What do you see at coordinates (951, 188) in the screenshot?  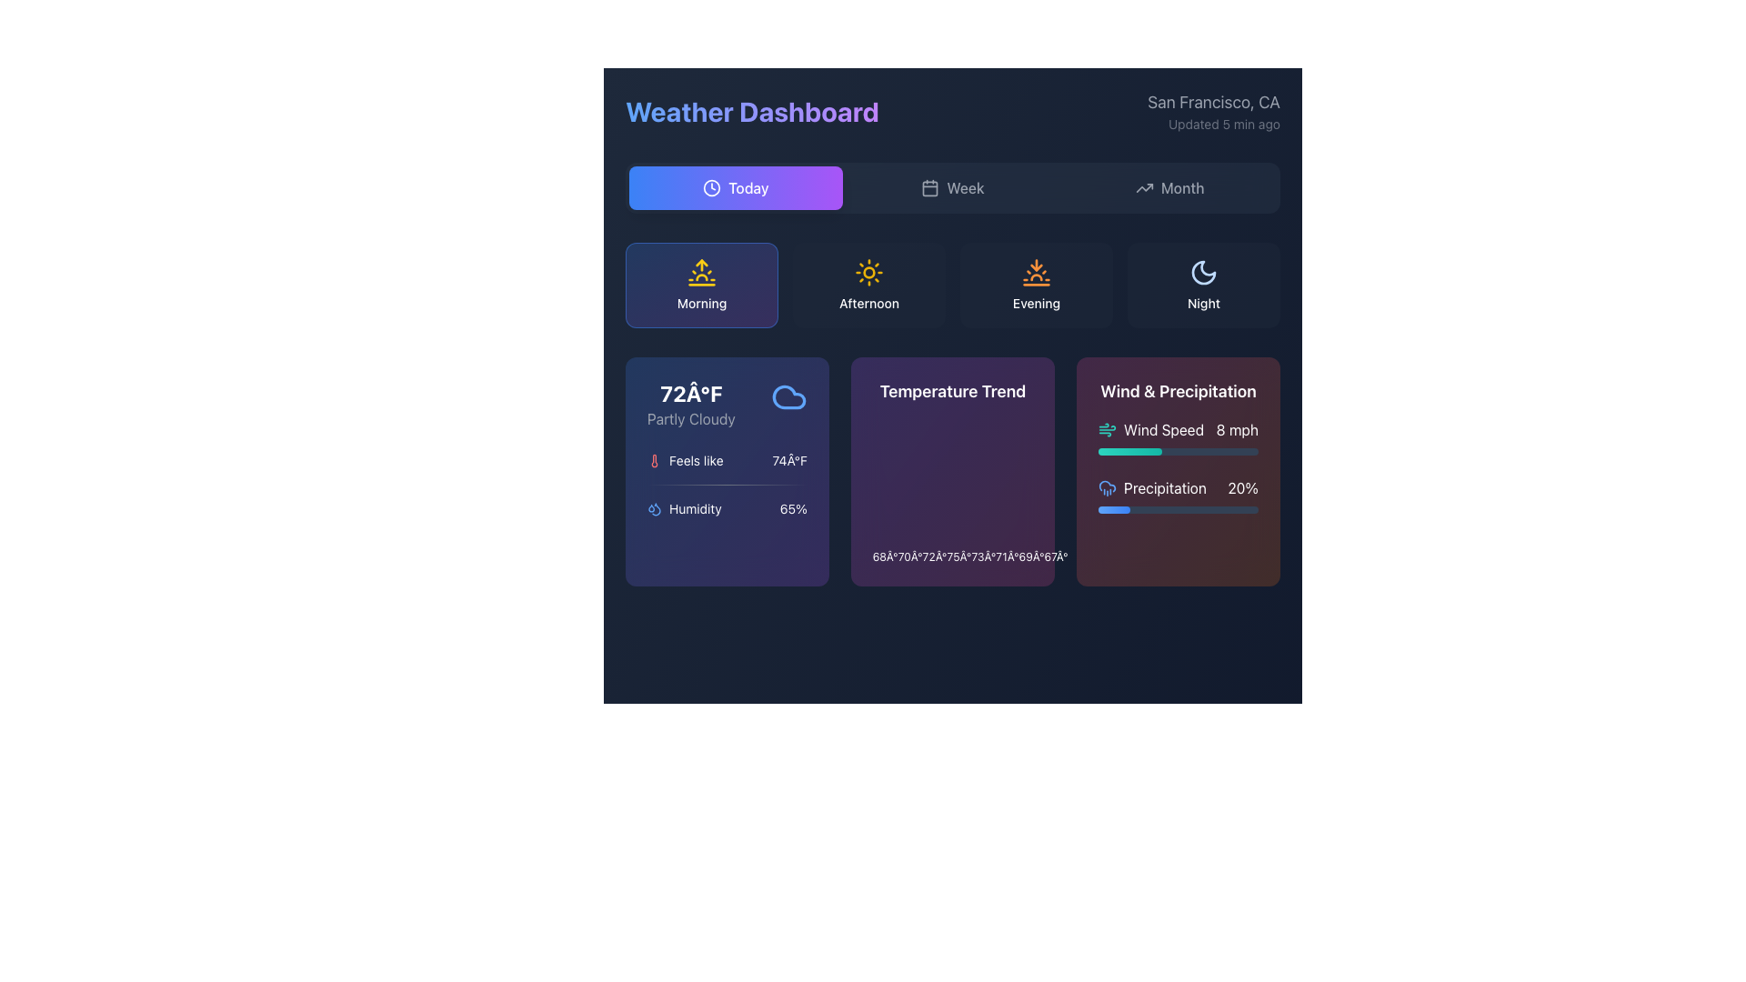 I see `the middle button in the set of three tabs labeled 'Weather Dashboard'` at bounding box center [951, 188].